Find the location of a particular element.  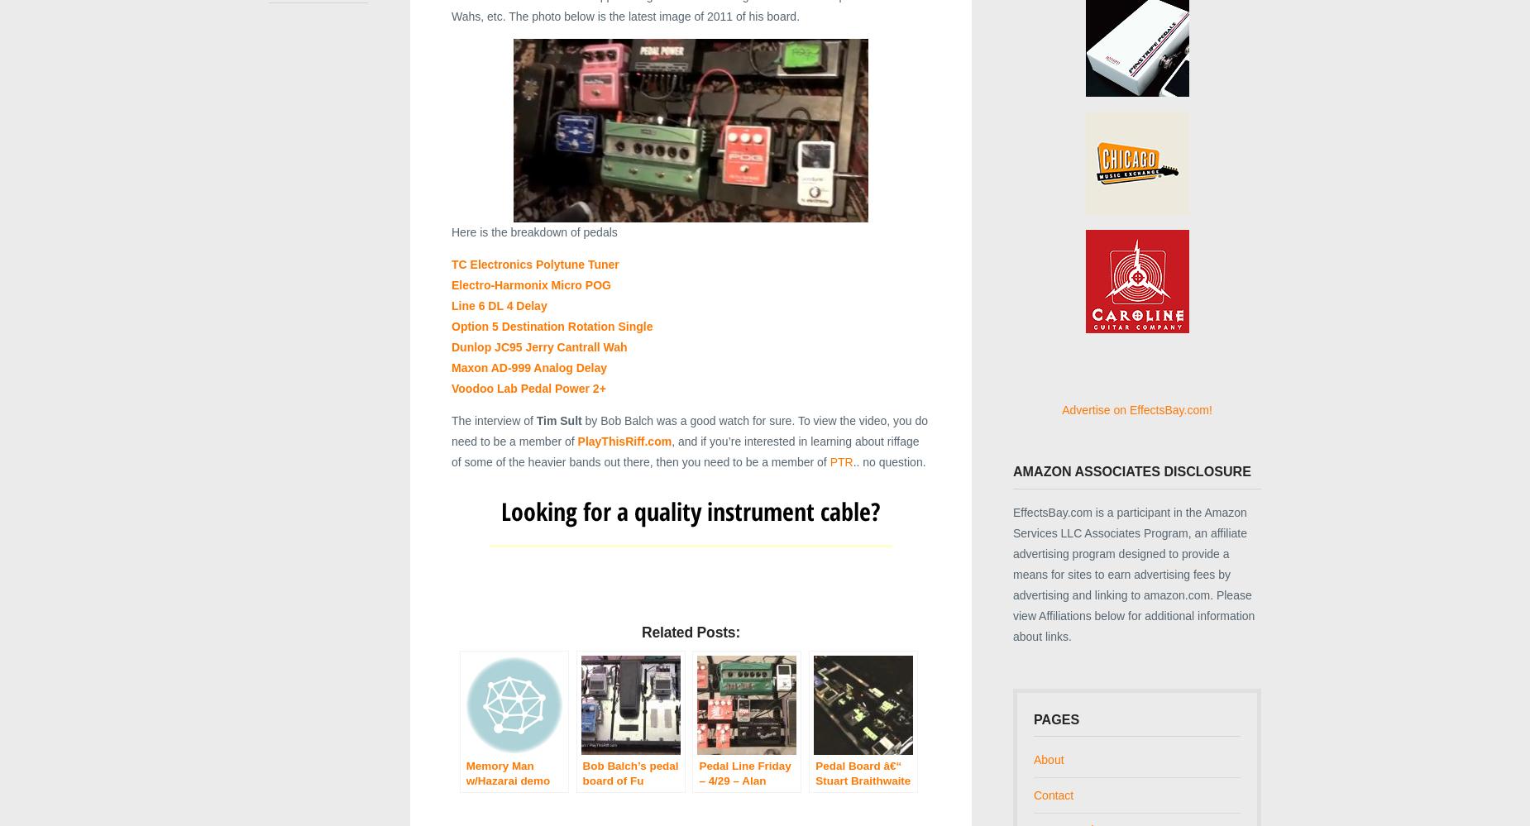

'Advertise on EffectsBay.com!' is located at coordinates (1136, 409).